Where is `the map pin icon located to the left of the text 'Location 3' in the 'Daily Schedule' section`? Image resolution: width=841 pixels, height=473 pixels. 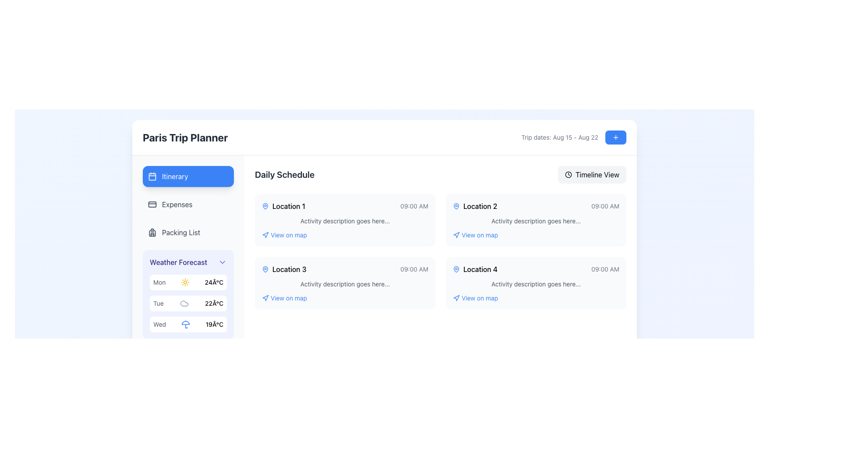
the map pin icon located to the left of the text 'Location 3' in the 'Daily Schedule' section is located at coordinates (265, 268).